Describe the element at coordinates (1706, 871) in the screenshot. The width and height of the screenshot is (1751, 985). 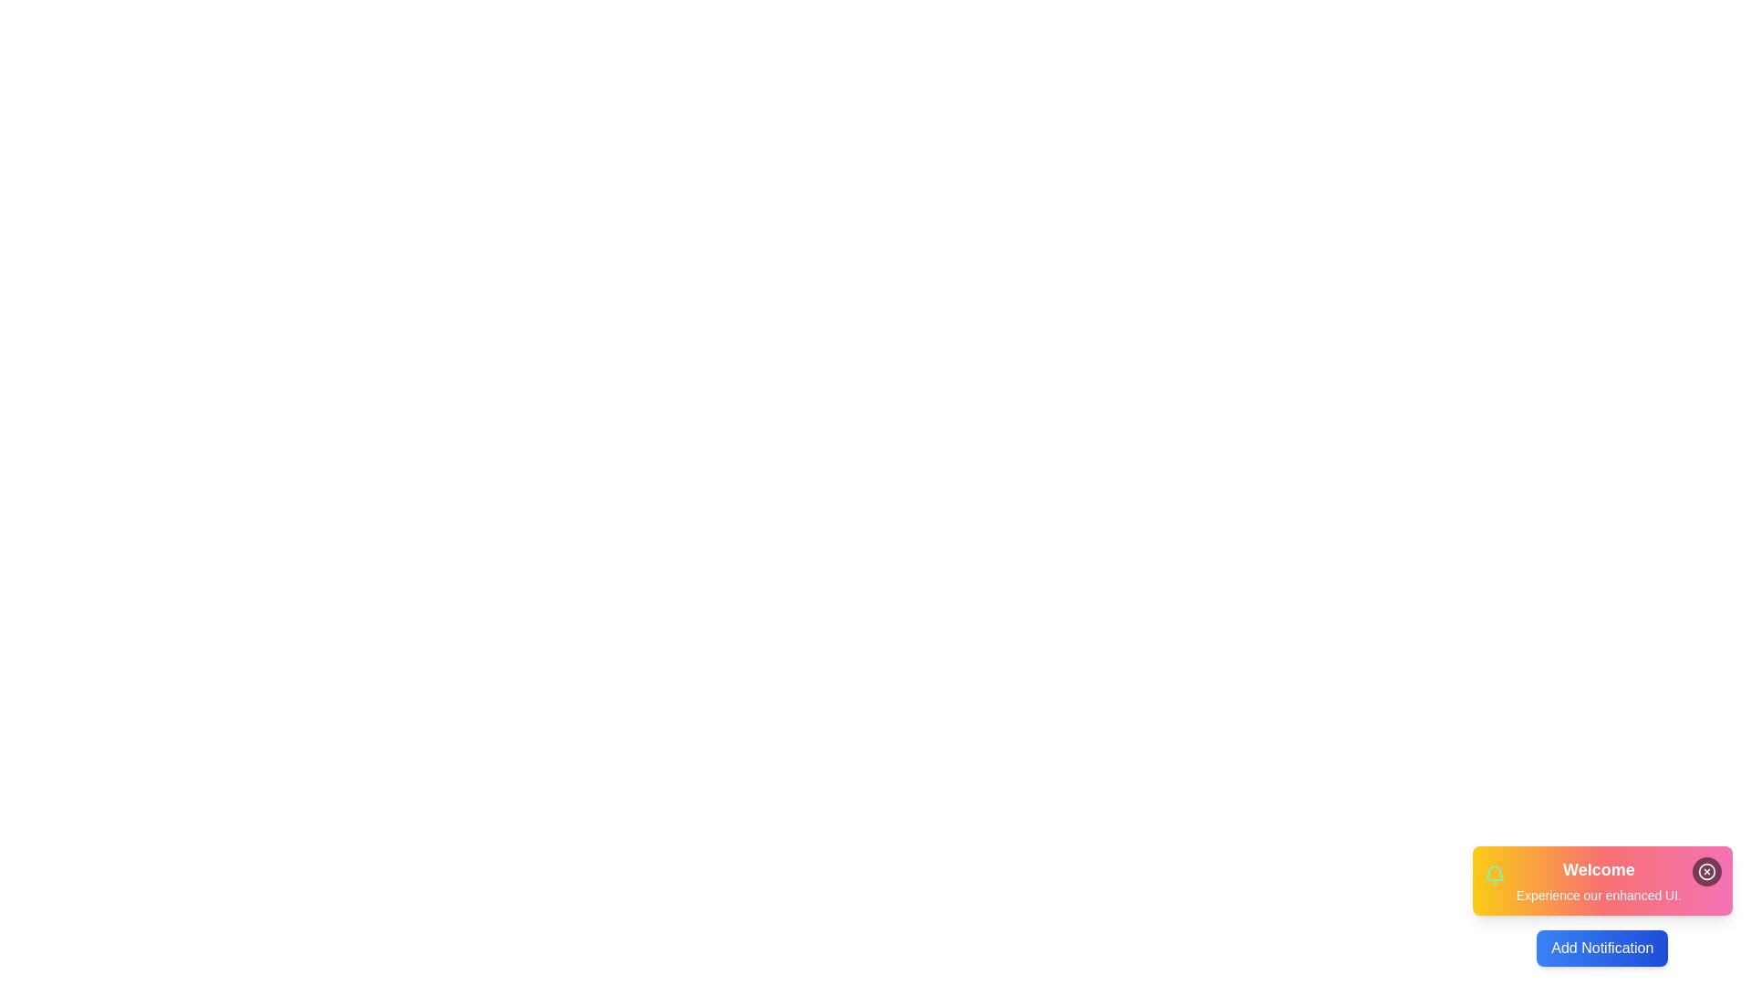
I see `the circular button with a semitransparent dark background and a white 'X' icon in the center` at that location.